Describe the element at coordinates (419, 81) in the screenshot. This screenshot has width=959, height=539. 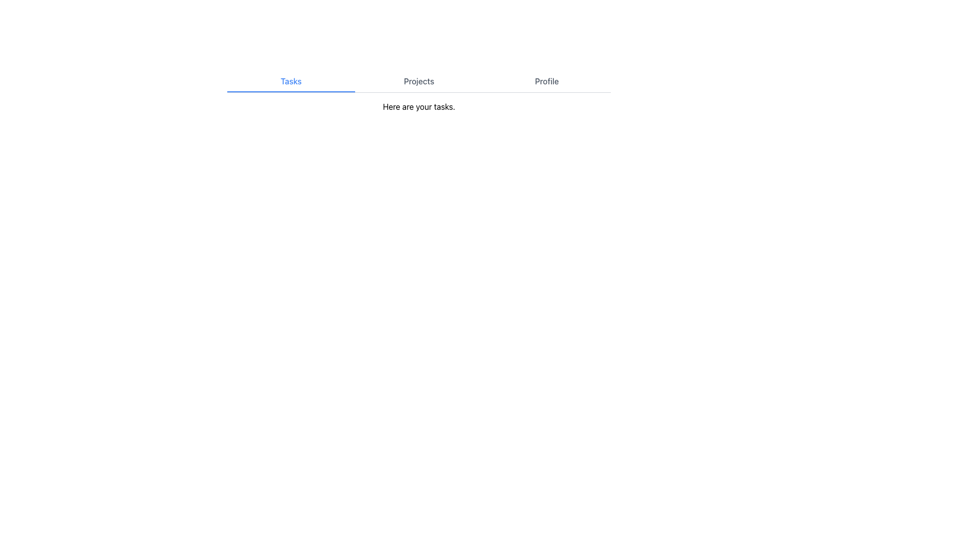
I see `the 'Projects' text button in the navigation bar` at that location.